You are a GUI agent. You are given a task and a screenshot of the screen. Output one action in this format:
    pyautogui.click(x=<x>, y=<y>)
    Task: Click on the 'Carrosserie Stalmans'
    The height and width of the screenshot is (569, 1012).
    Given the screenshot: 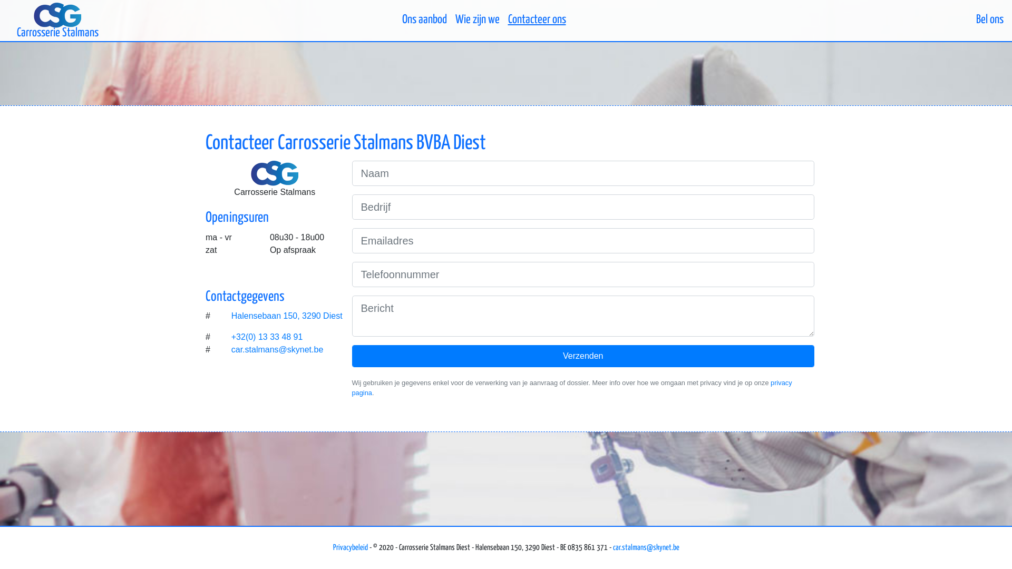 What is the action you would take?
    pyautogui.click(x=57, y=20)
    